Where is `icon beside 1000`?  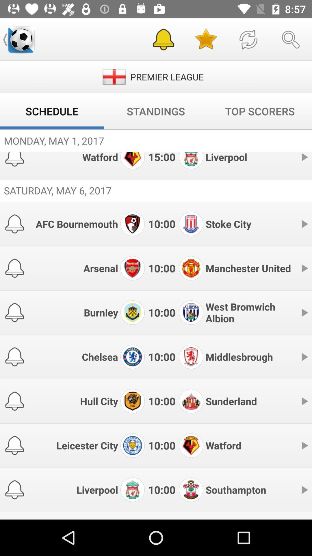 icon beside 1000 is located at coordinates (133, 223).